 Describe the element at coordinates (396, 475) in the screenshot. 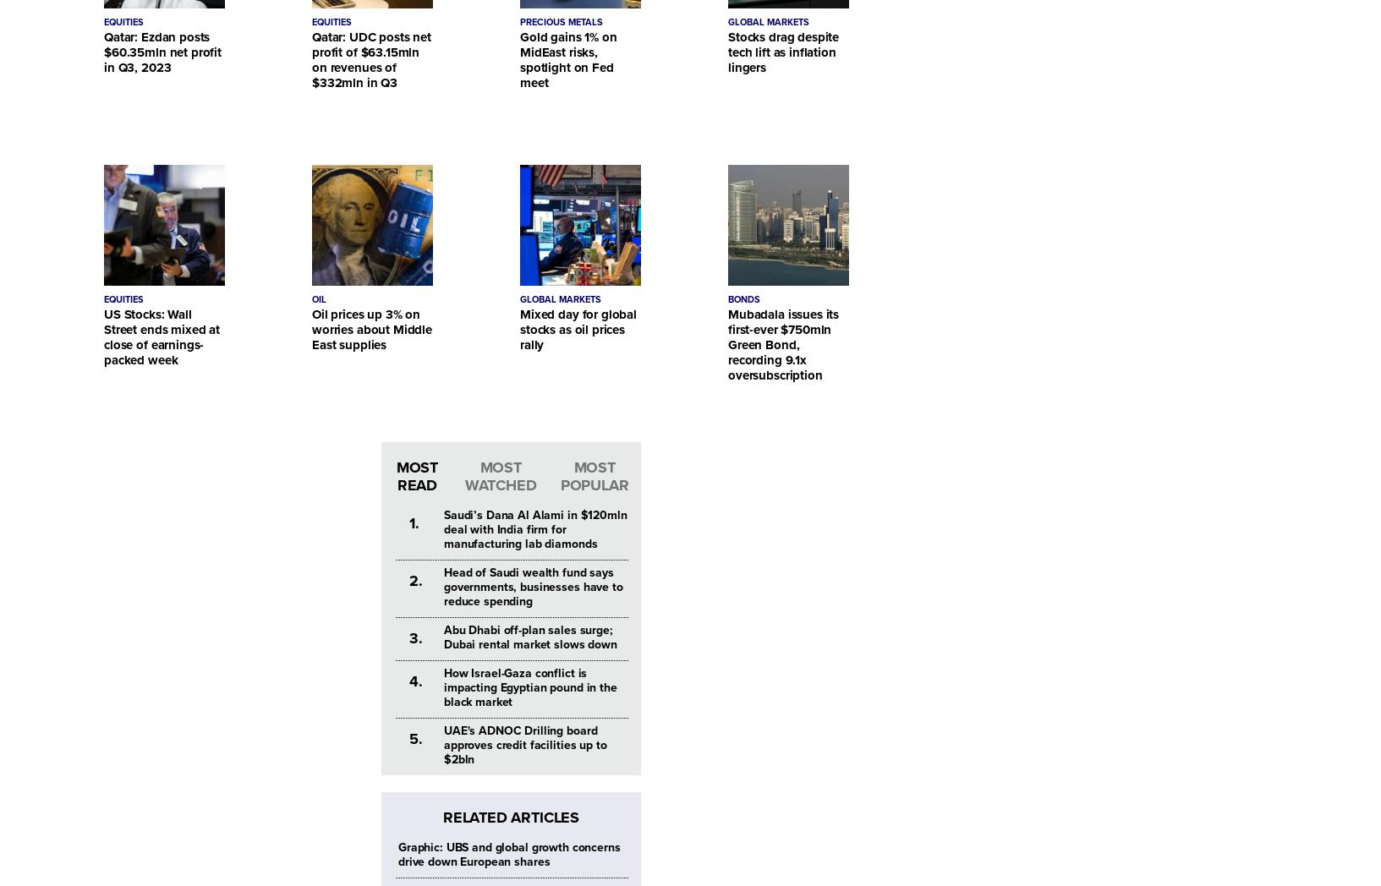

I see `'MOST READ'` at that location.